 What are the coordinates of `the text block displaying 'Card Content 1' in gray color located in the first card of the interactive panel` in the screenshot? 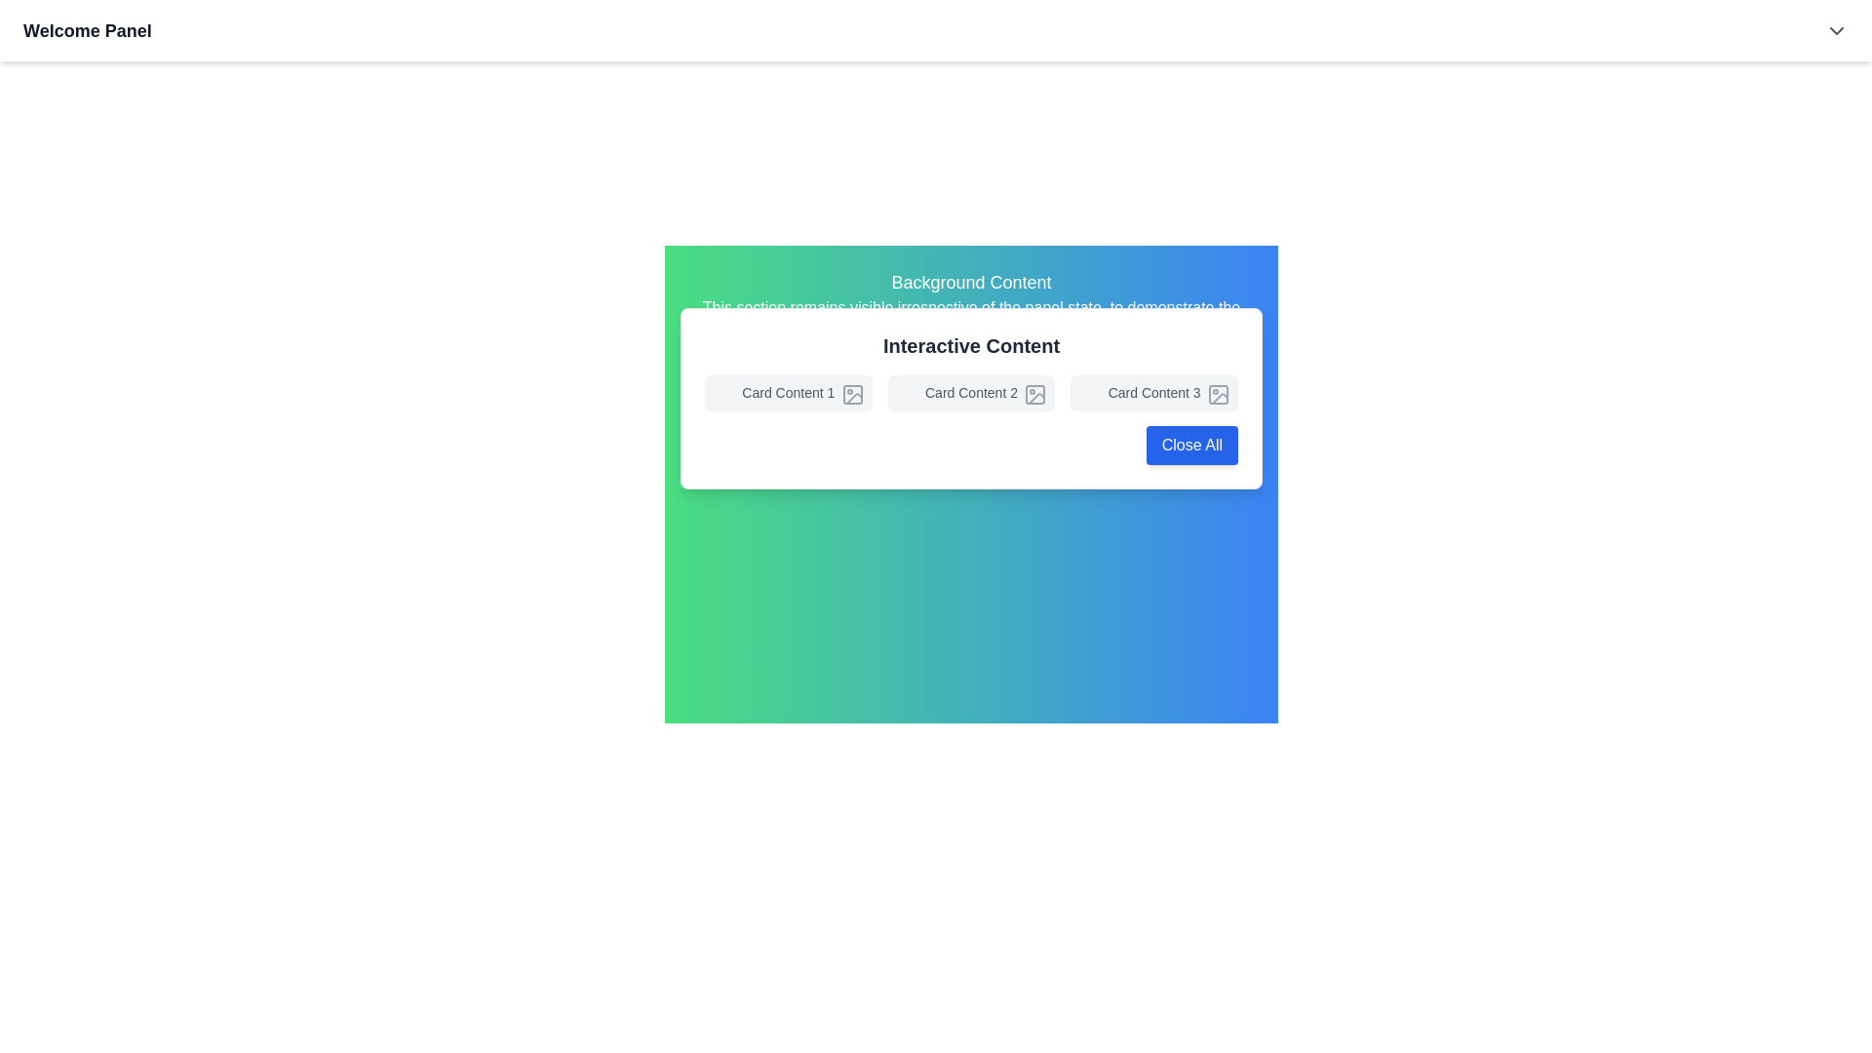 It's located at (788, 392).